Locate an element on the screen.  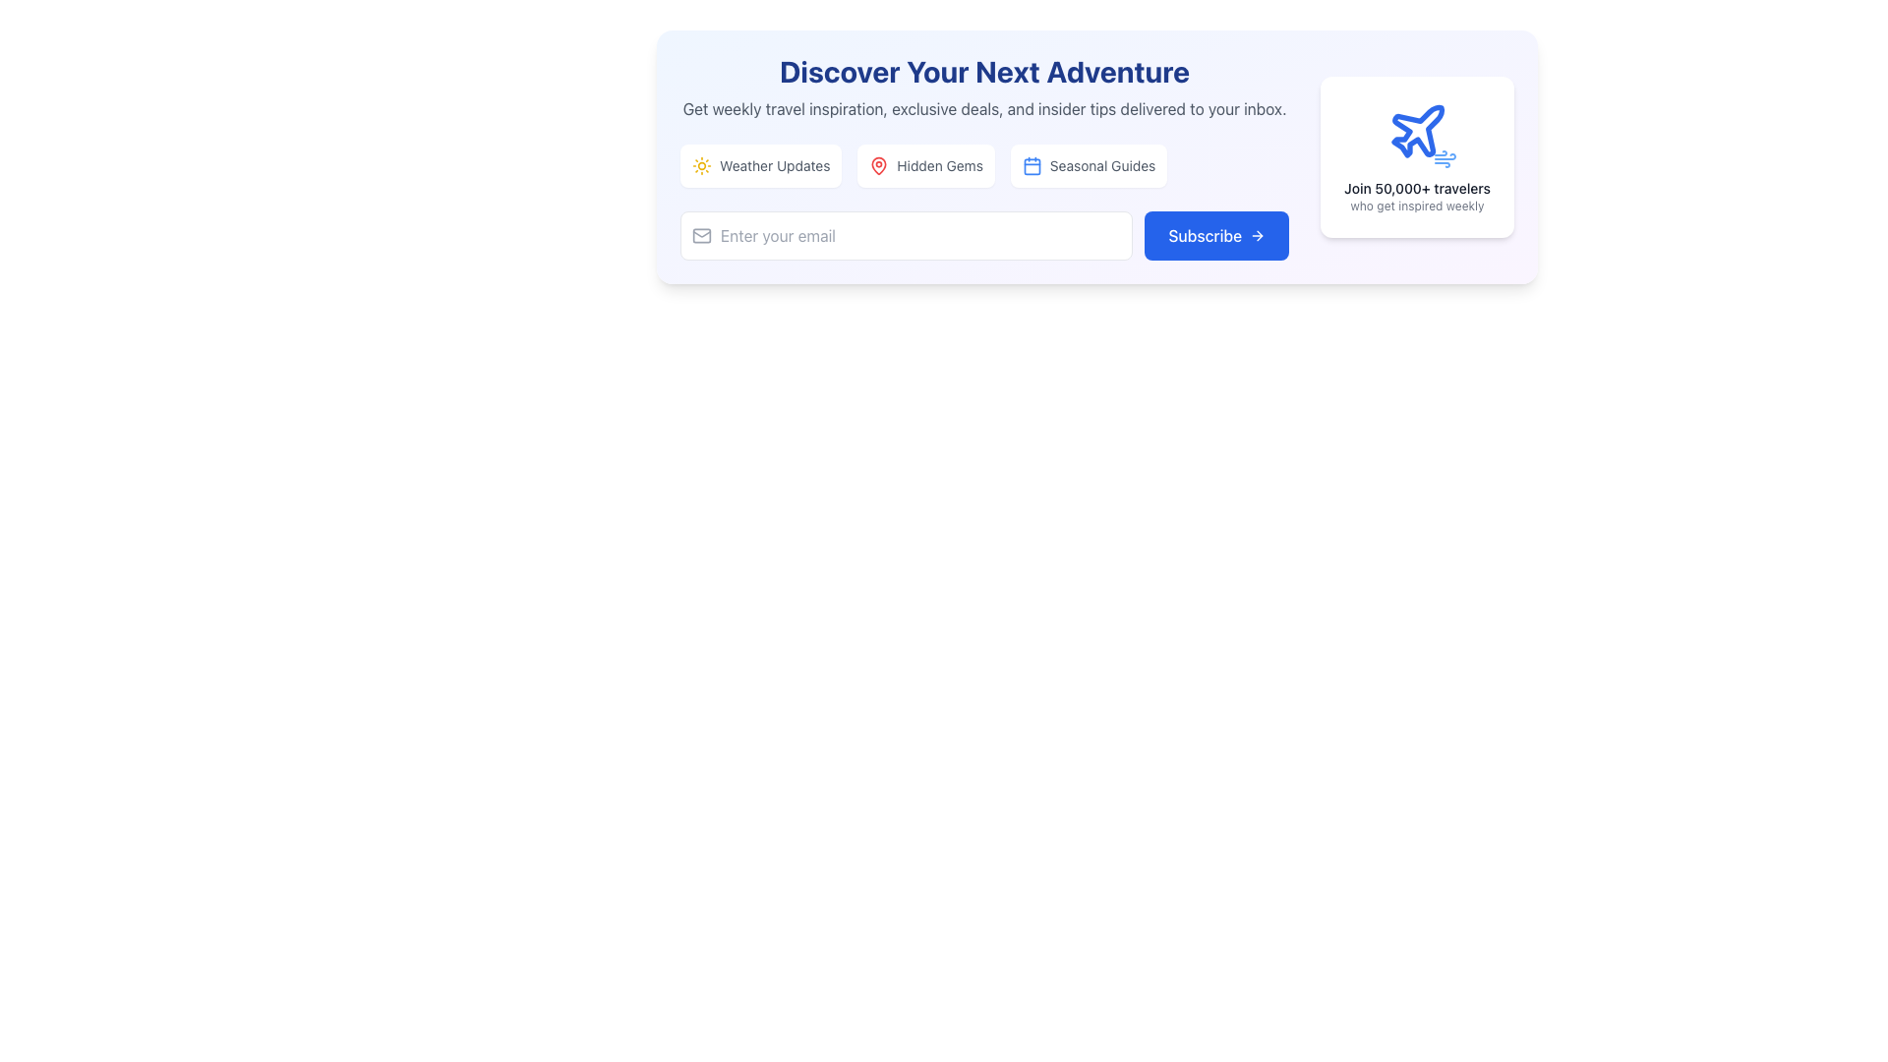
the static text element that reads 'Get weekly travel inspiration, exclusive deals, and insider tips delivered to your inbox.', positioned below the heading 'Discover Your Next Adventure' is located at coordinates (984, 109).